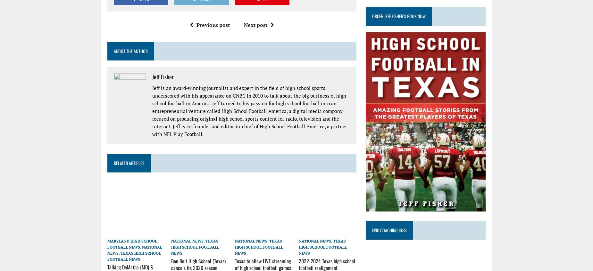 This screenshot has width=593, height=271. I want to click on 'Next post', so click(255, 24).